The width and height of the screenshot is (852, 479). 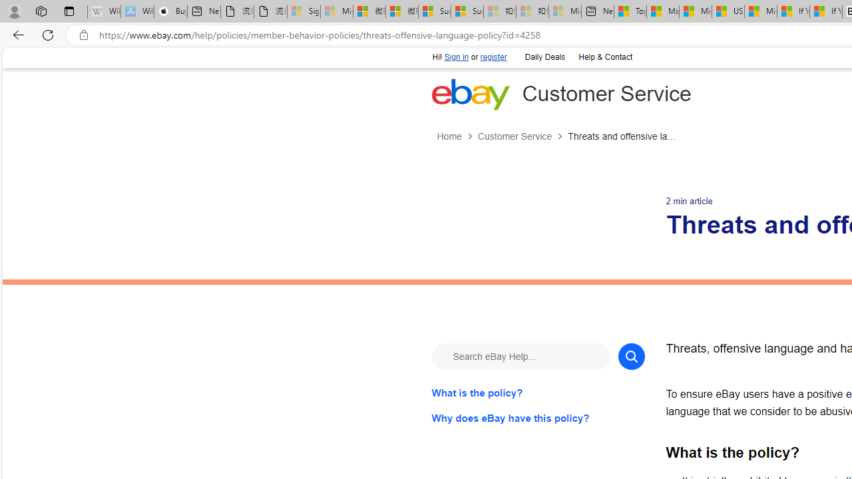 I want to click on 'View site information', so click(x=83, y=35).